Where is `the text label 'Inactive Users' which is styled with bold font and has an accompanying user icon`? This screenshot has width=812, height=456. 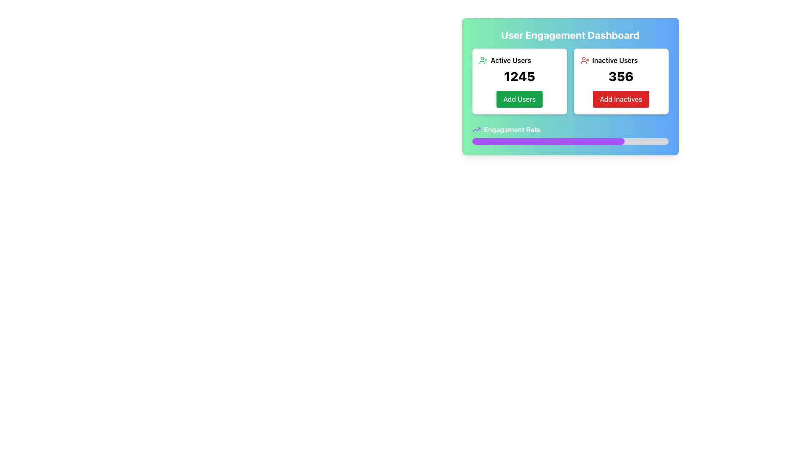 the text label 'Inactive Users' which is styled with bold font and has an accompanying user icon is located at coordinates (621, 60).